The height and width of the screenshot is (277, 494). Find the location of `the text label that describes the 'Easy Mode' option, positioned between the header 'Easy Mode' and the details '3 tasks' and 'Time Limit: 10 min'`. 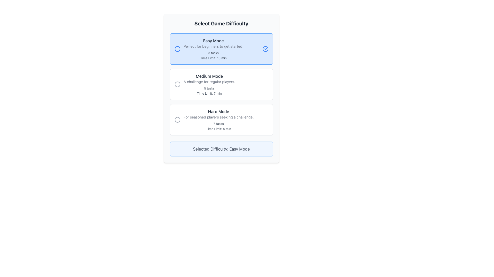

the text label that describes the 'Easy Mode' option, positioned between the header 'Easy Mode' and the details '3 tasks' and 'Time Limit: 10 min' is located at coordinates (213, 46).